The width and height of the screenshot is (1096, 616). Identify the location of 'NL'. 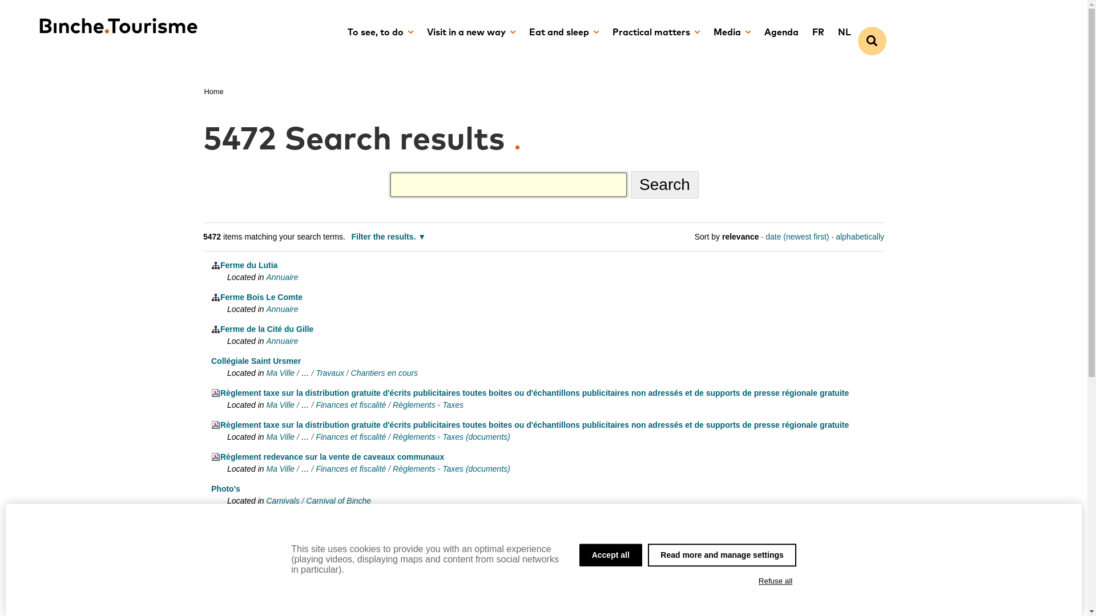
(844, 32).